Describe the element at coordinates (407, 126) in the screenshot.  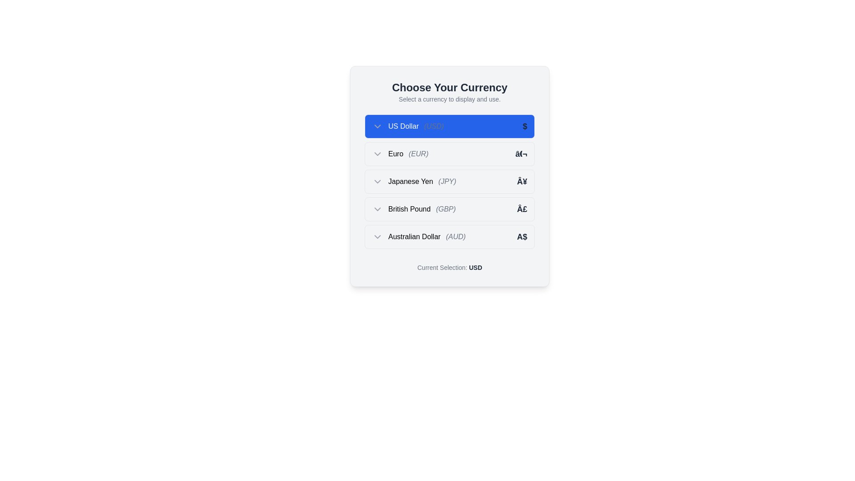
I see `the Text display (Label) that shows the US Dollar (USD) currency option, which is located to the right of the chevron icon and to the left of the currency code in the currency selection menu` at that location.